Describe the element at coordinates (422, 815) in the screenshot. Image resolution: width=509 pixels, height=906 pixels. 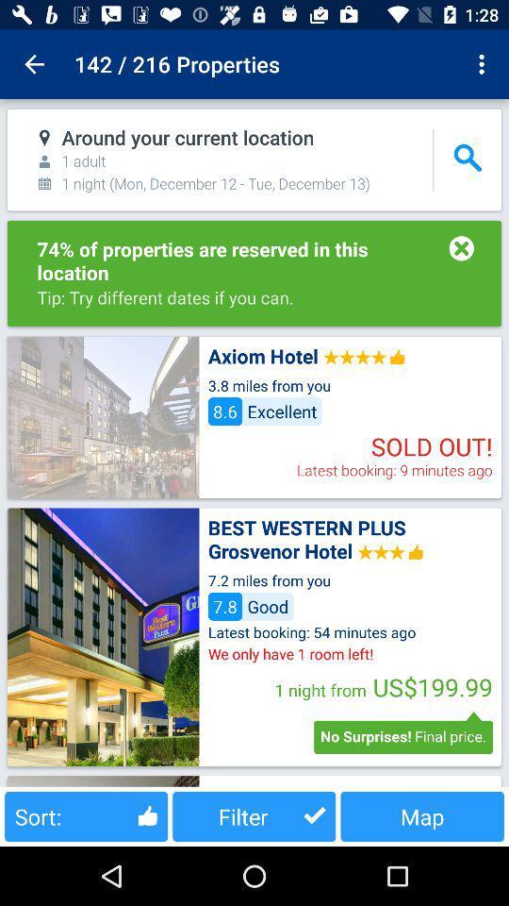
I see `map button which is at bottom right corner` at that location.